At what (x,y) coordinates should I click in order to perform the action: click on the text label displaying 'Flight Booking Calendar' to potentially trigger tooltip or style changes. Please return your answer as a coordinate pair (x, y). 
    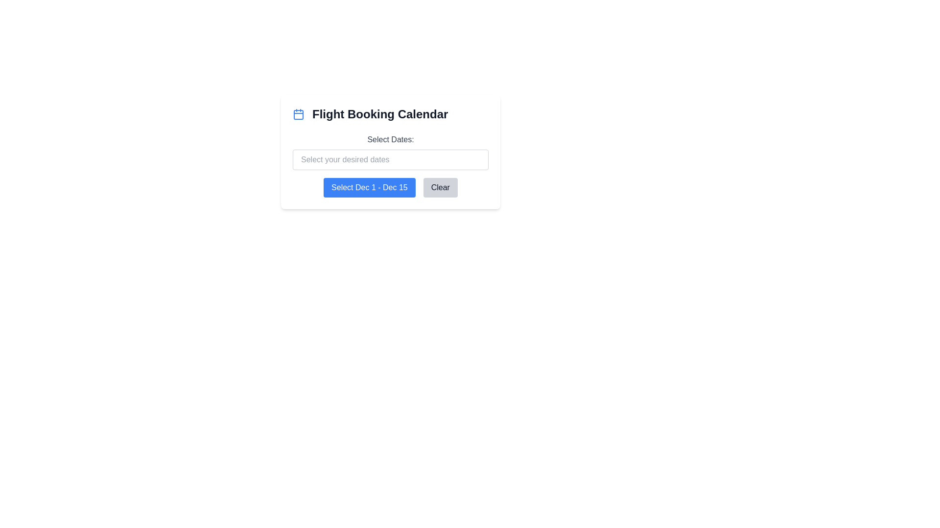
    Looking at the image, I should click on (379, 114).